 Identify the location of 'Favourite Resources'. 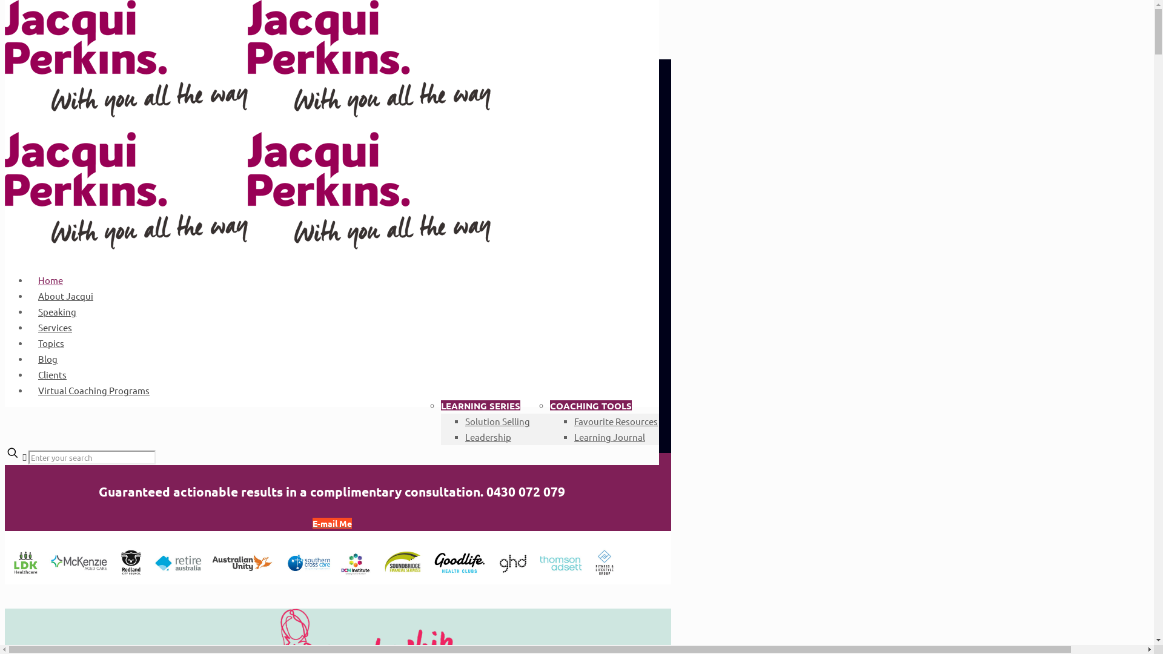
(616, 420).